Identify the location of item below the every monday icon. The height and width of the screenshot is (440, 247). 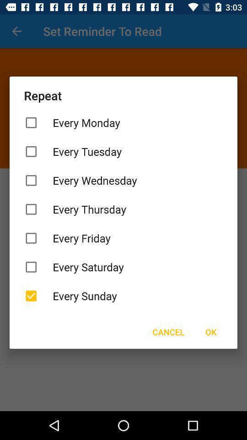
(123, 151).